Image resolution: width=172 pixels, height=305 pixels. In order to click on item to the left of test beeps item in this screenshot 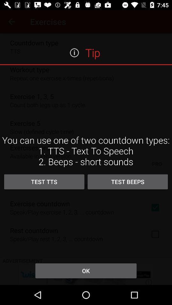, I will do `click(44, 182)`.